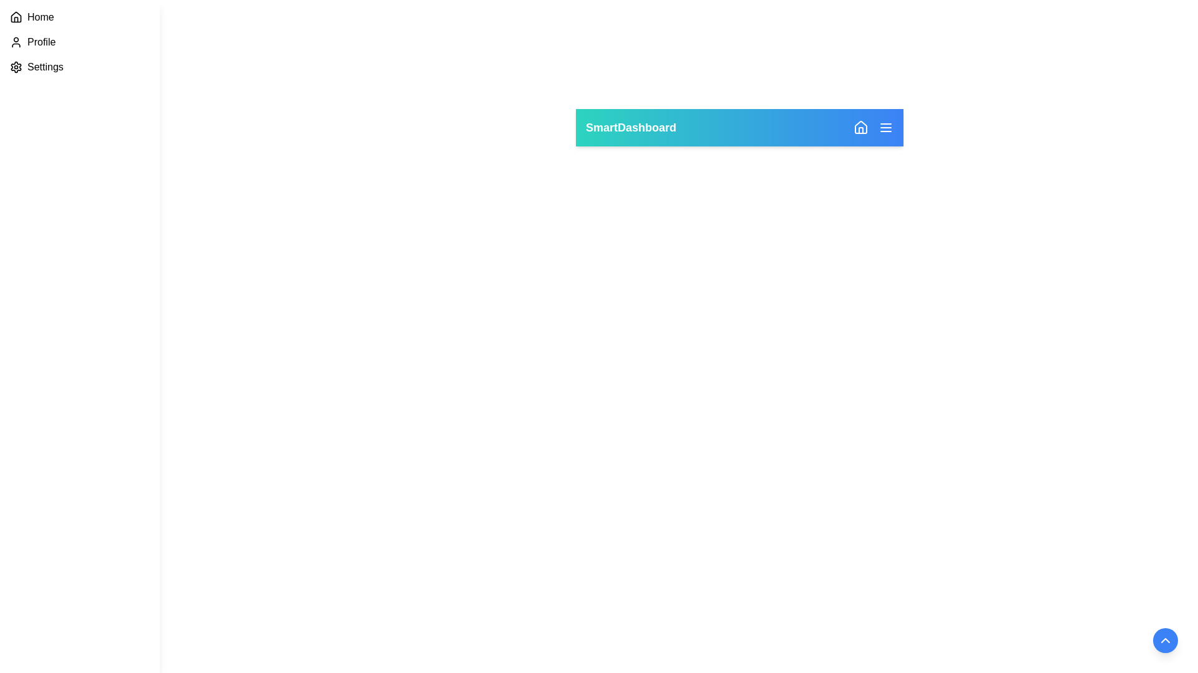 The height and width of the screenshot is (673, 1198). I want to click on the small vector-based door icon within the house icon in the SVG located in the top-right corner of the horizontal navigation bar, so click(860, 130).